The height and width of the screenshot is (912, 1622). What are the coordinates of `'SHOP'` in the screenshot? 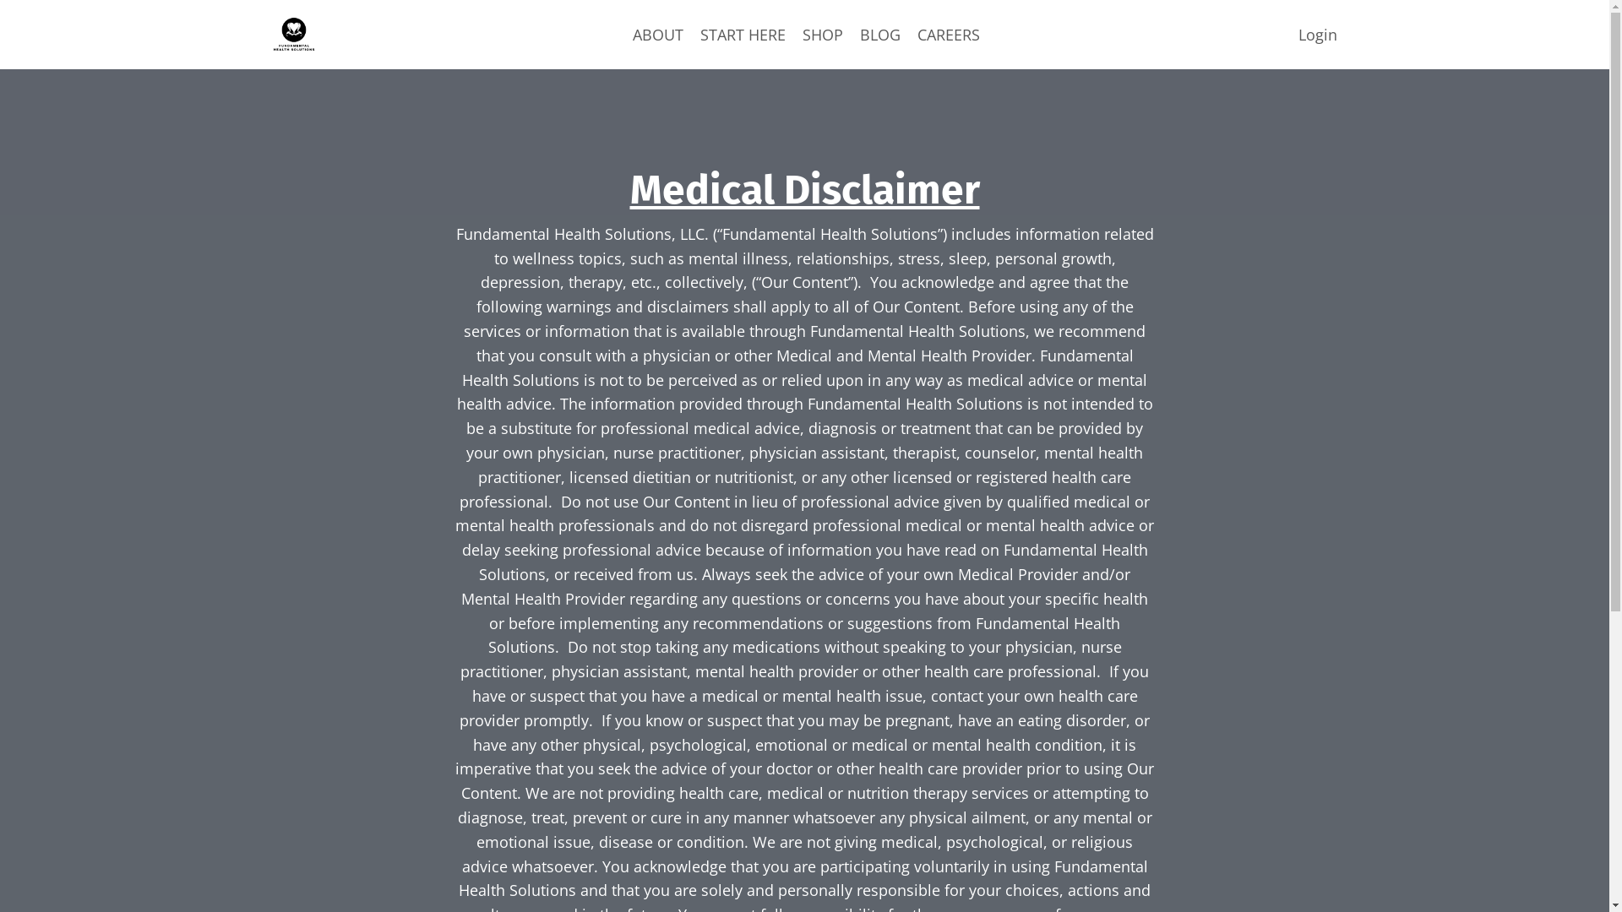 It's located at (802, 35).